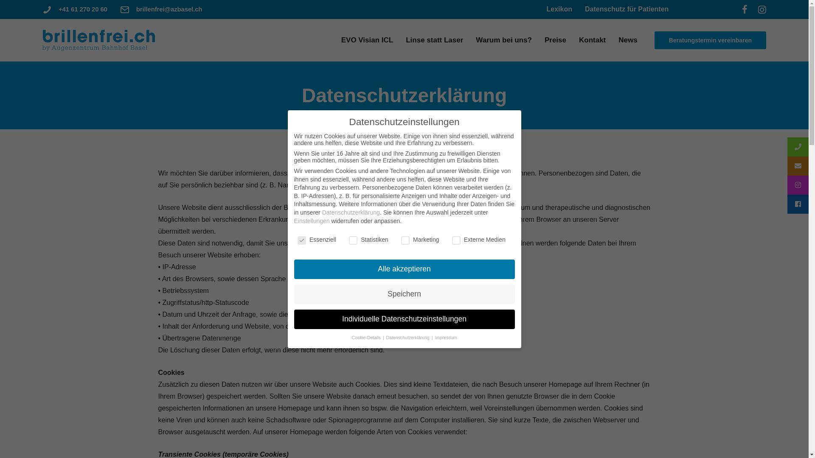  I want to click on 'Lexikon', so click(559, 9).